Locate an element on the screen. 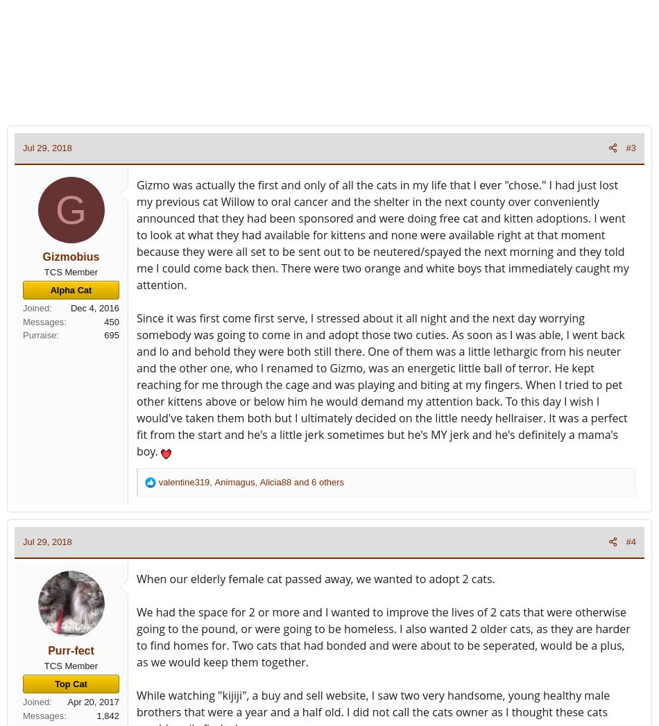 Image resolution: width=659 pixels, height=726 pixels. 'and 6 others' is located at coordinates (316, 481).